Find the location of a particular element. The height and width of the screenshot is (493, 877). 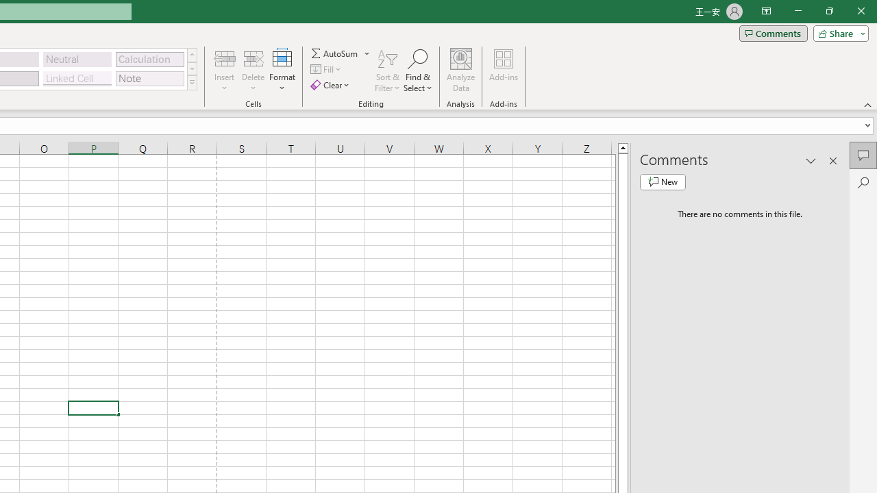

'Insert' is located at coordinates (225, 71).